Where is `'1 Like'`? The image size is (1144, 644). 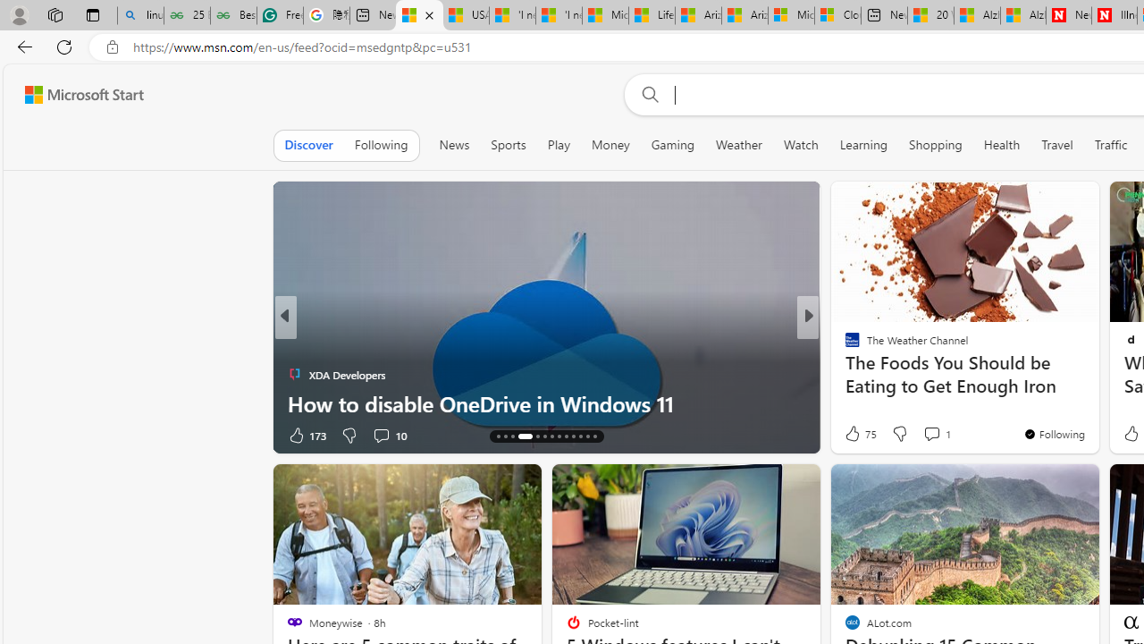 '1 Like' is located at coordinates (850, 435).